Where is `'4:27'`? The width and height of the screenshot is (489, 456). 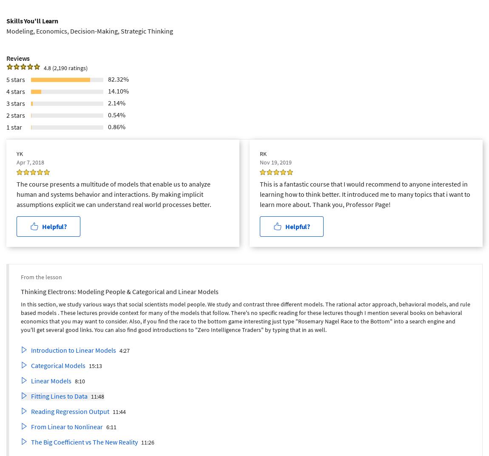
'4:27' is located at coordinates (125, 350).